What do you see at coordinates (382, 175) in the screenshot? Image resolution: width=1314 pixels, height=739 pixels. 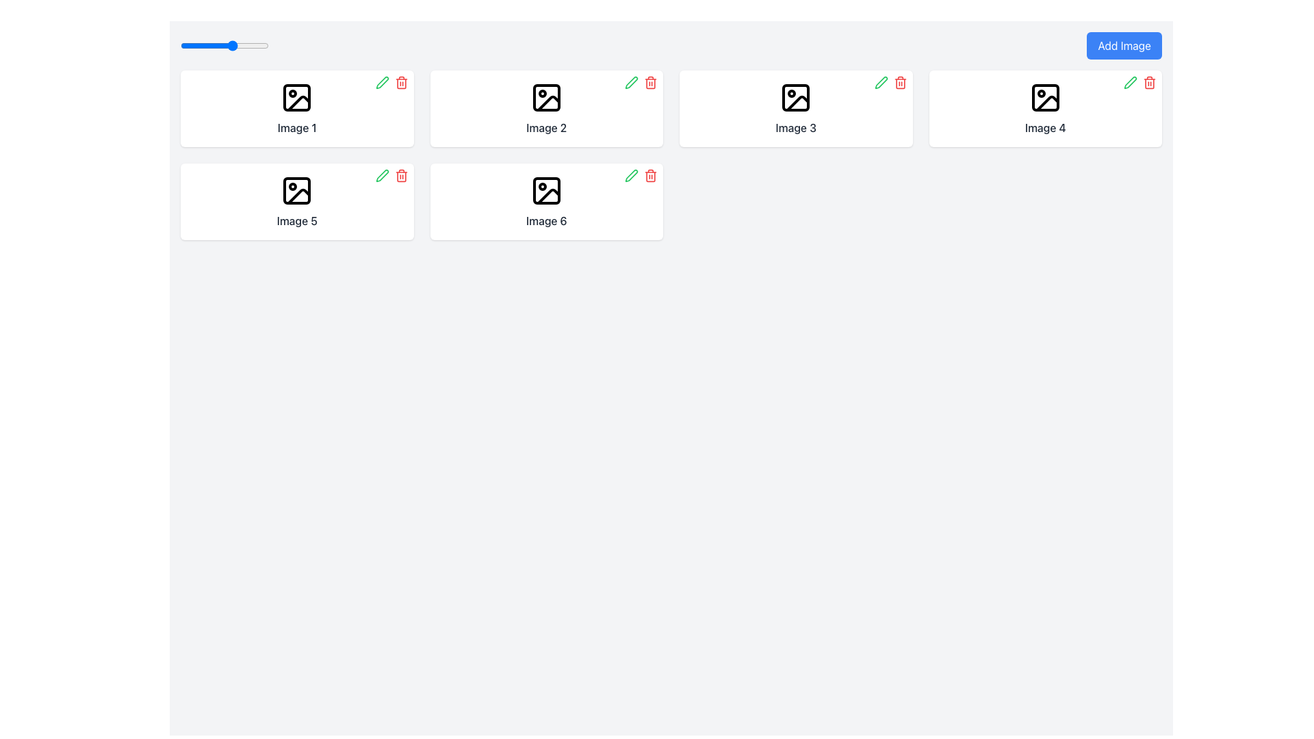 I see `the green pencil icon located in the top-right corner of the card-like block to initiate editing` at bounding box center [382, 175].